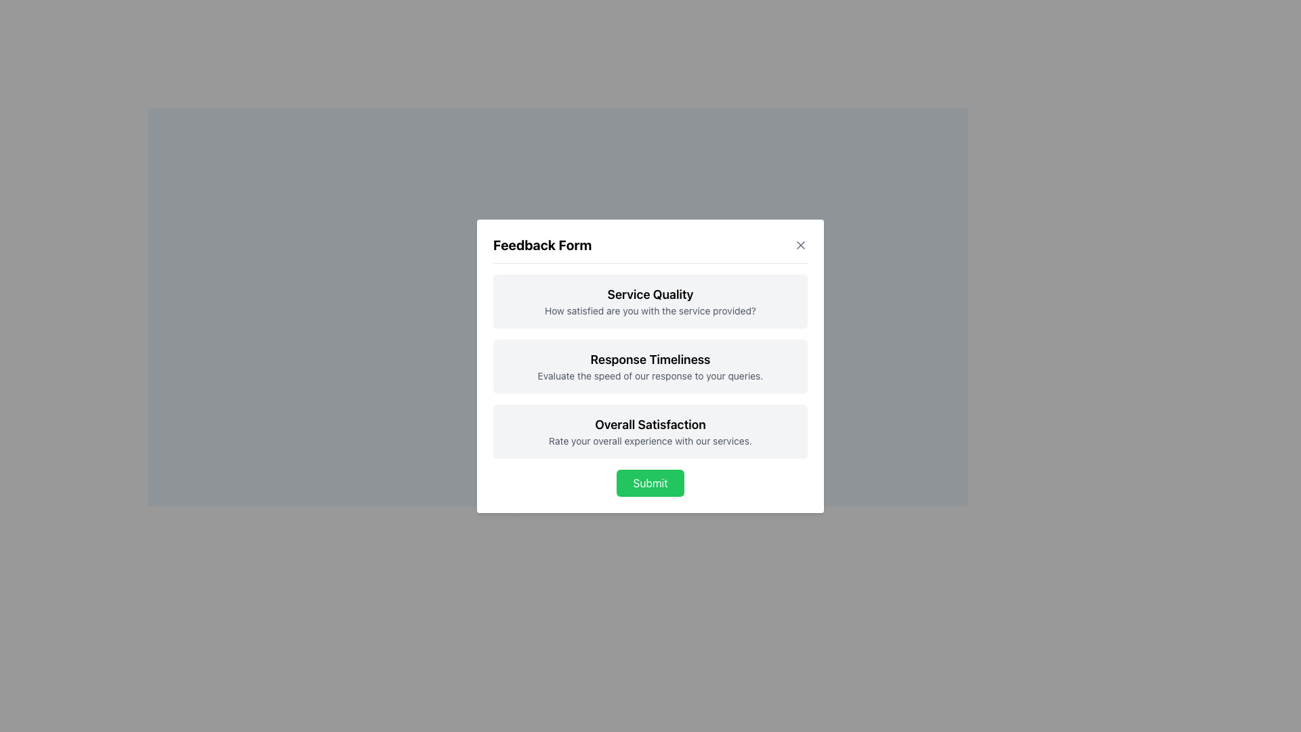  Describe the element at coordinates (650, 482) in the screenshot. I see `the green rectangular 'Submit' button with rounded corners located at the bottom of the form` at that location.